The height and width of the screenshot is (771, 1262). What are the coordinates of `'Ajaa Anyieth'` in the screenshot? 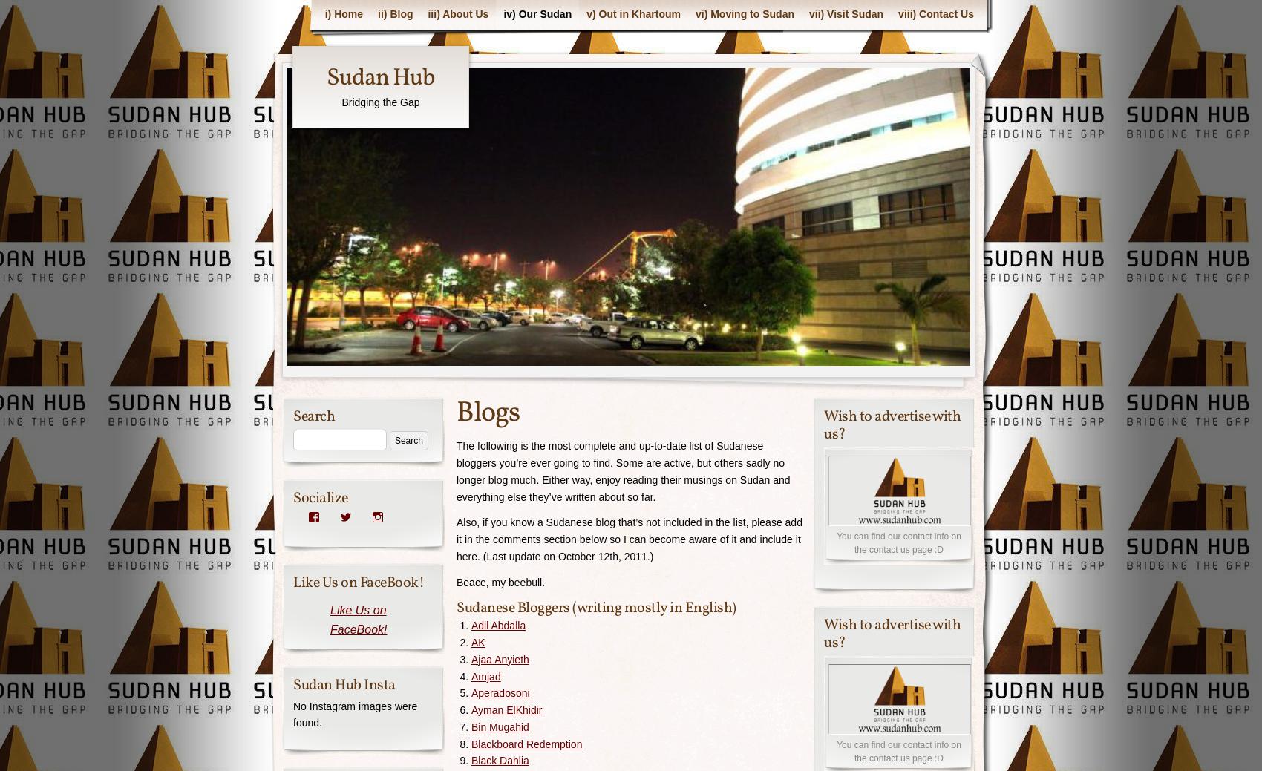 It's located at (500, 659).